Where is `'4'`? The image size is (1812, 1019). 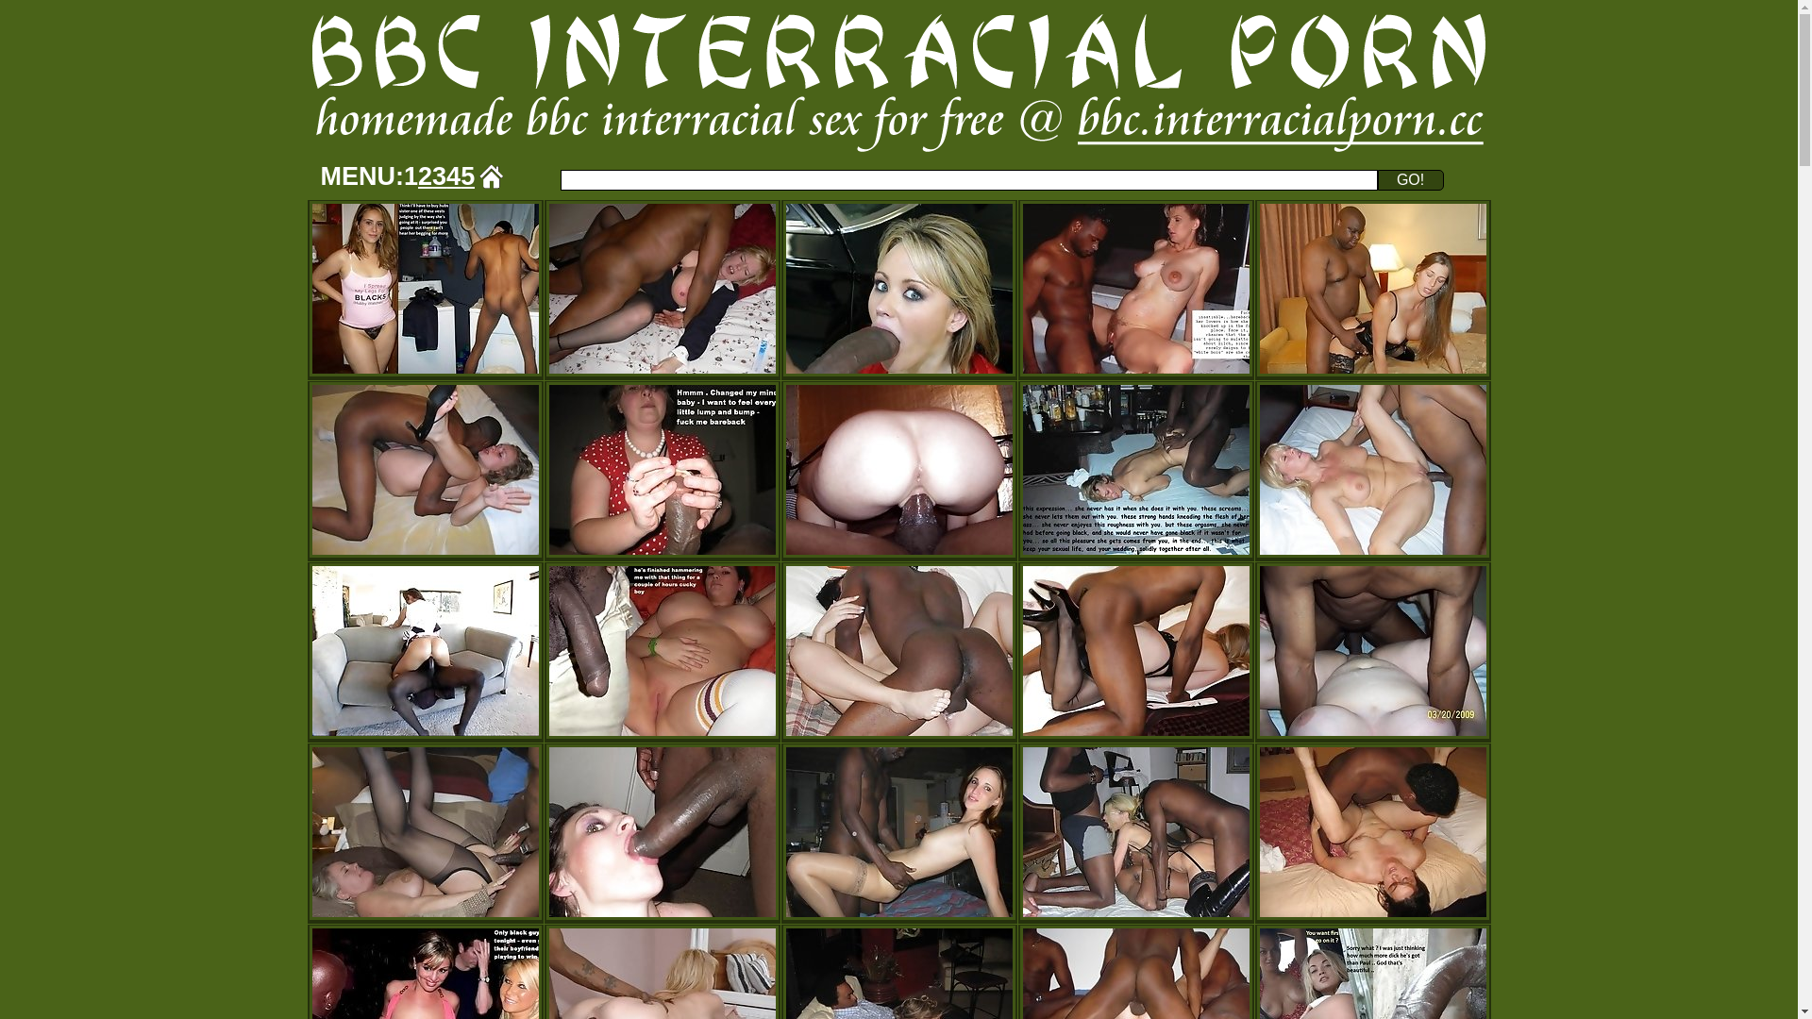 '4' is located at coordinates (453, 175).